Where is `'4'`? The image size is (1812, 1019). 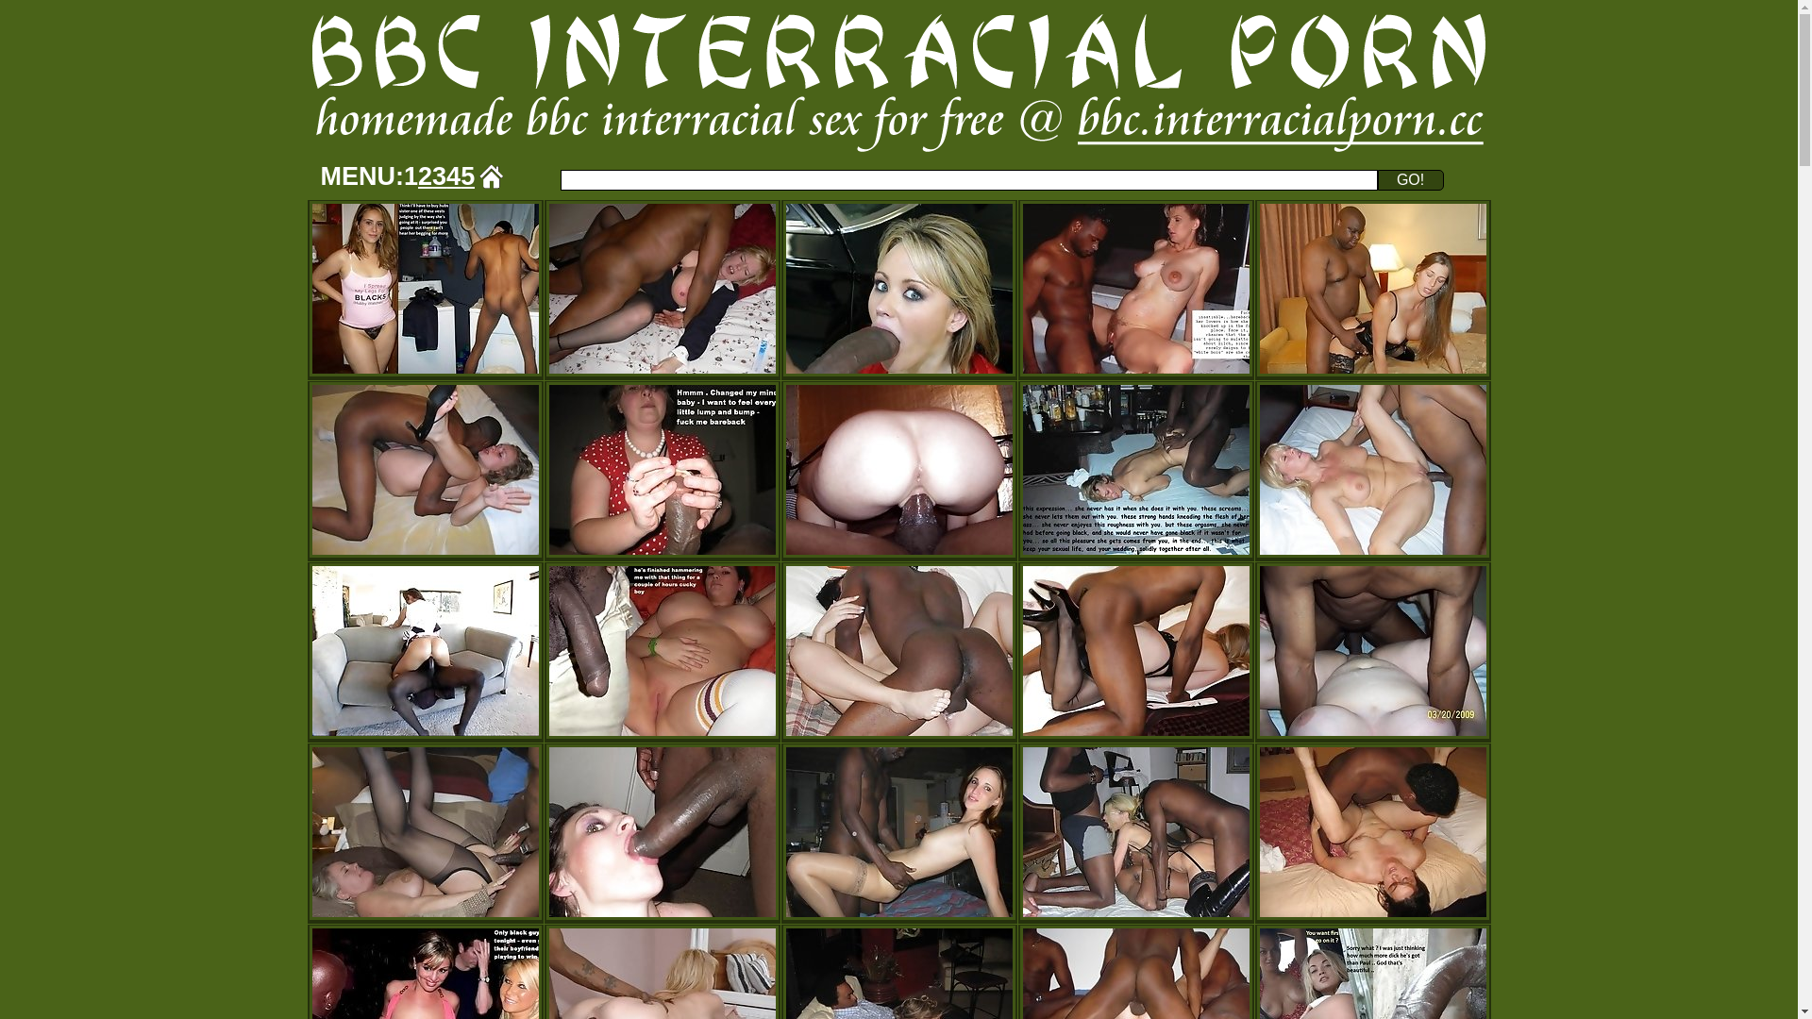 '4' is located at coordinates (453, 175).